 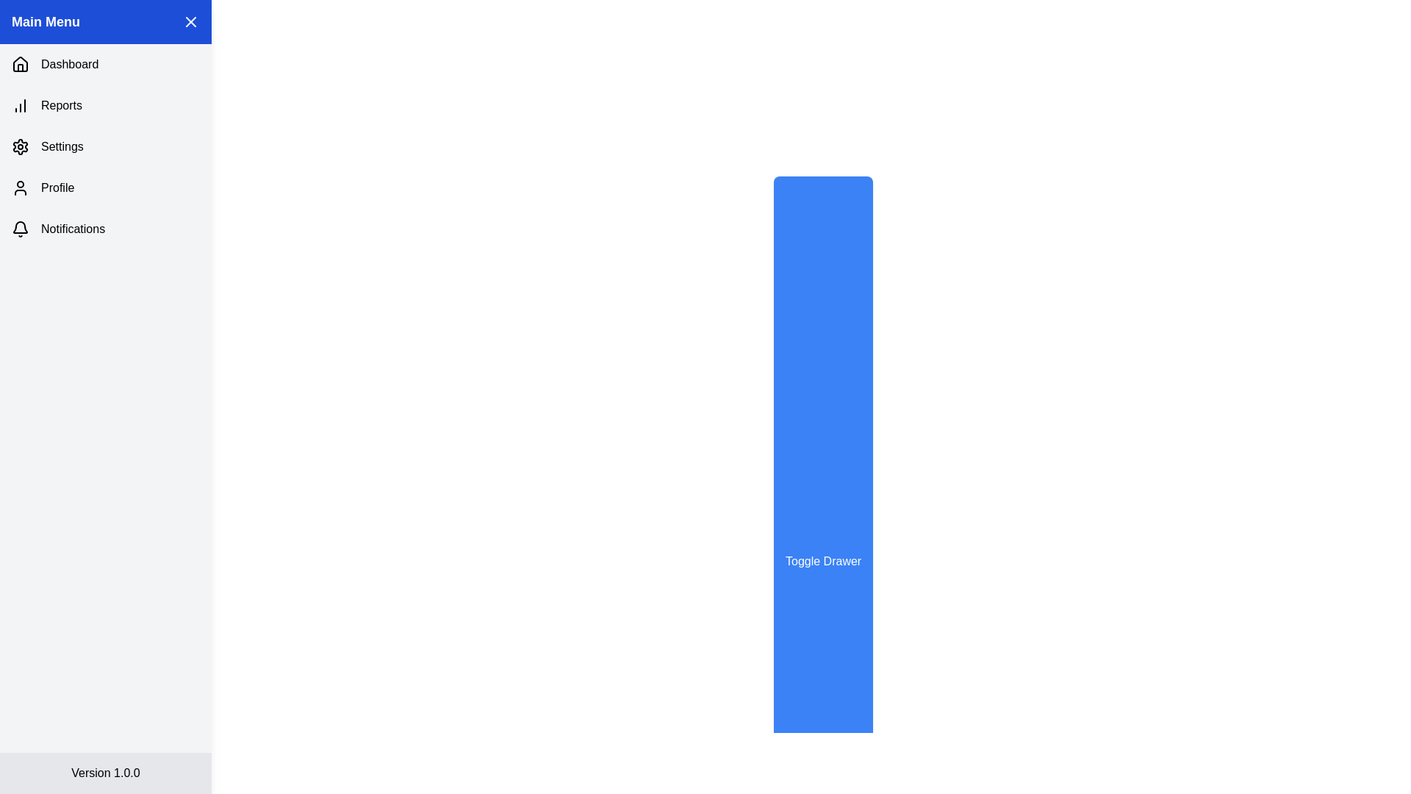 What do you see at coordinates (46, 22) in the screenshot?
I see `the static text label that serves as the title for the sidebar menu, located in the blue header bar at the top and aligned towards the left edge` at bounding box center [46, 22].